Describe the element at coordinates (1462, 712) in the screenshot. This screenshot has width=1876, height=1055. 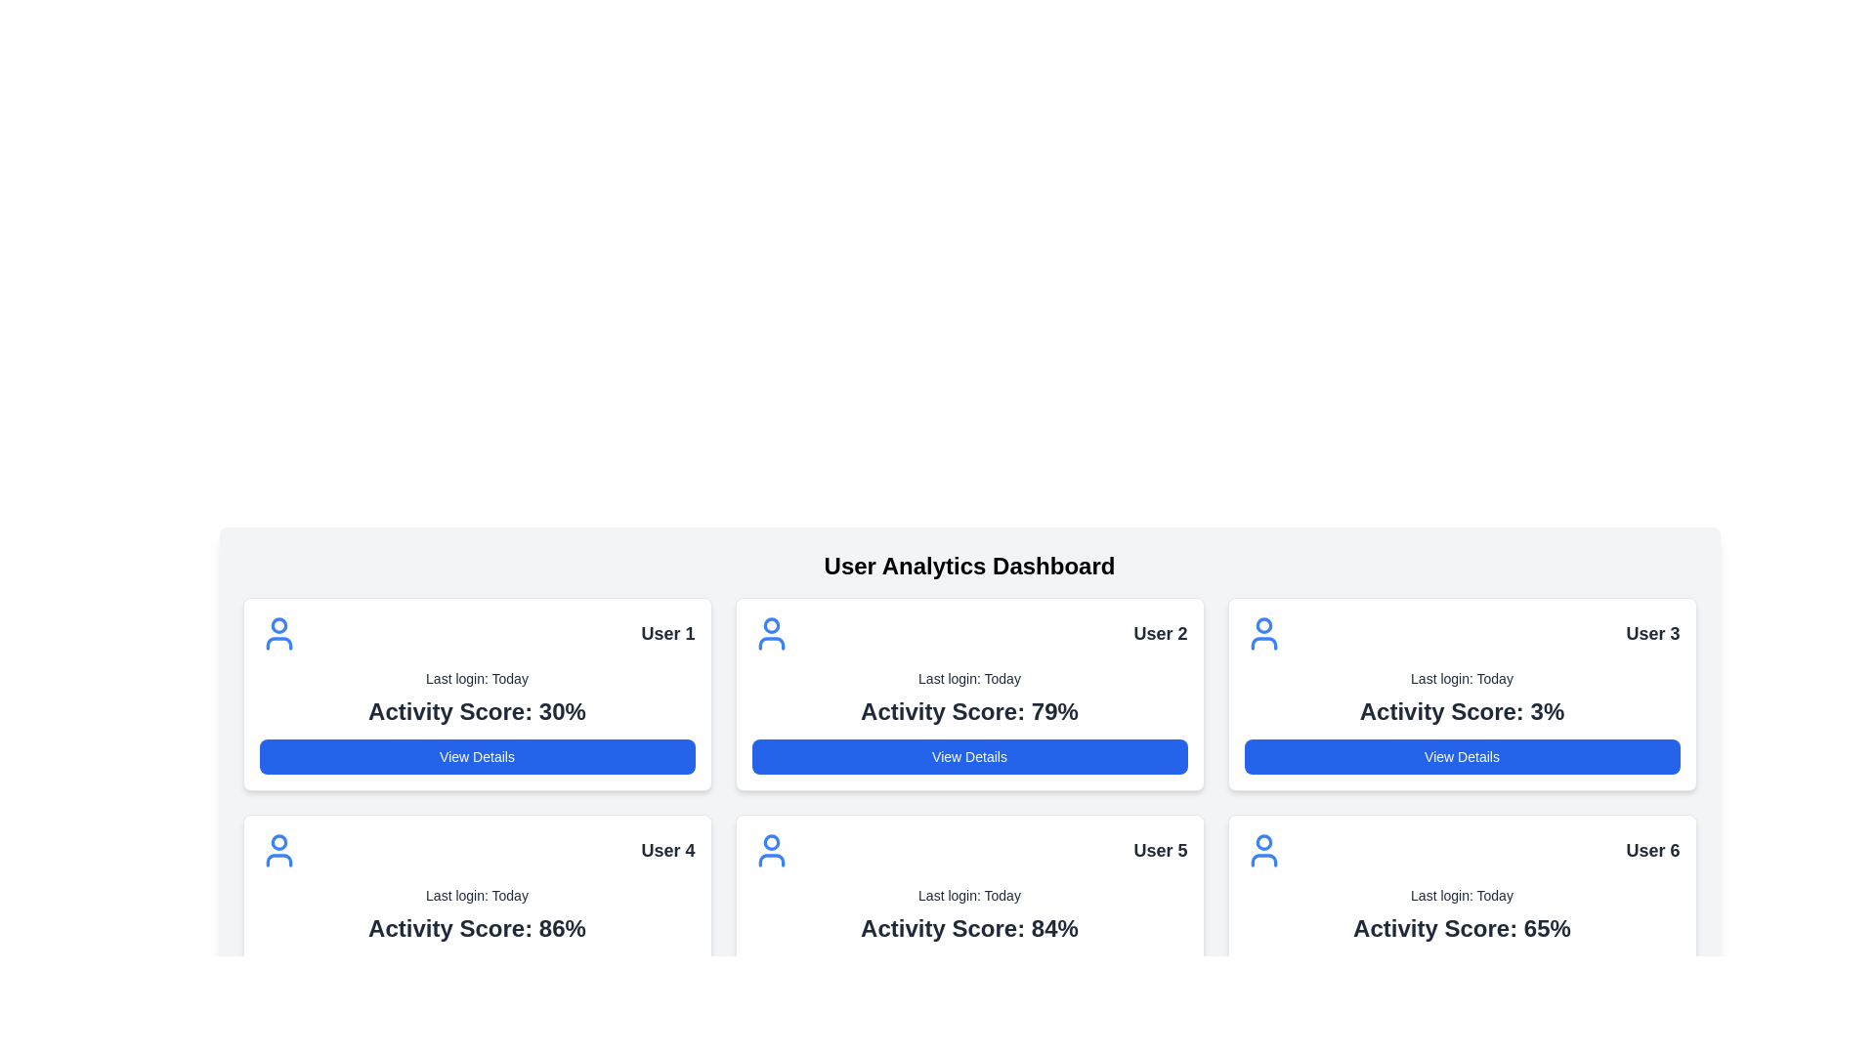
I see `the bold text label reading 'Activity Score: 3%' located in the top-right corner of the 'User 3' information card, positioned below 'Last login: Today' and above the 'View Details' button` at that location.